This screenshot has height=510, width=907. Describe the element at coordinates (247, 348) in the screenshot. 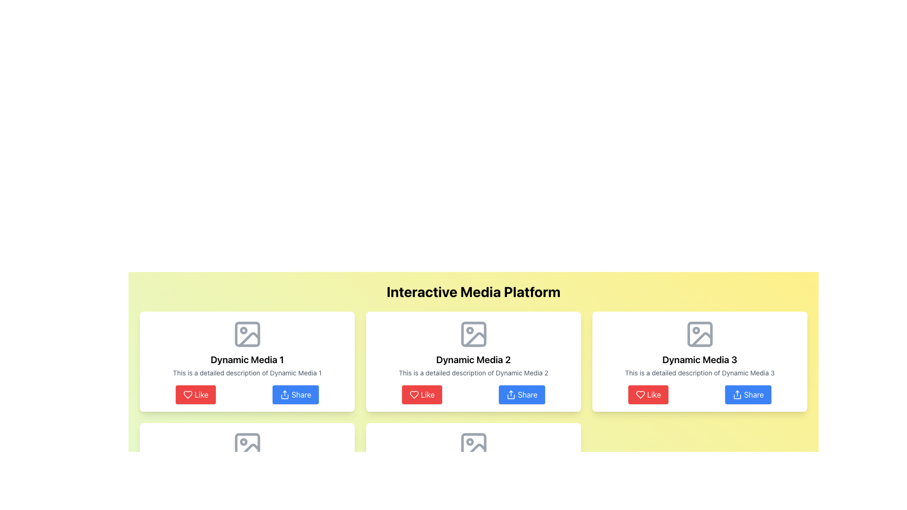

I see `title and description of the Content Block located at the top left section of the grid, next to 'Interactive Media Platform'` at that location.